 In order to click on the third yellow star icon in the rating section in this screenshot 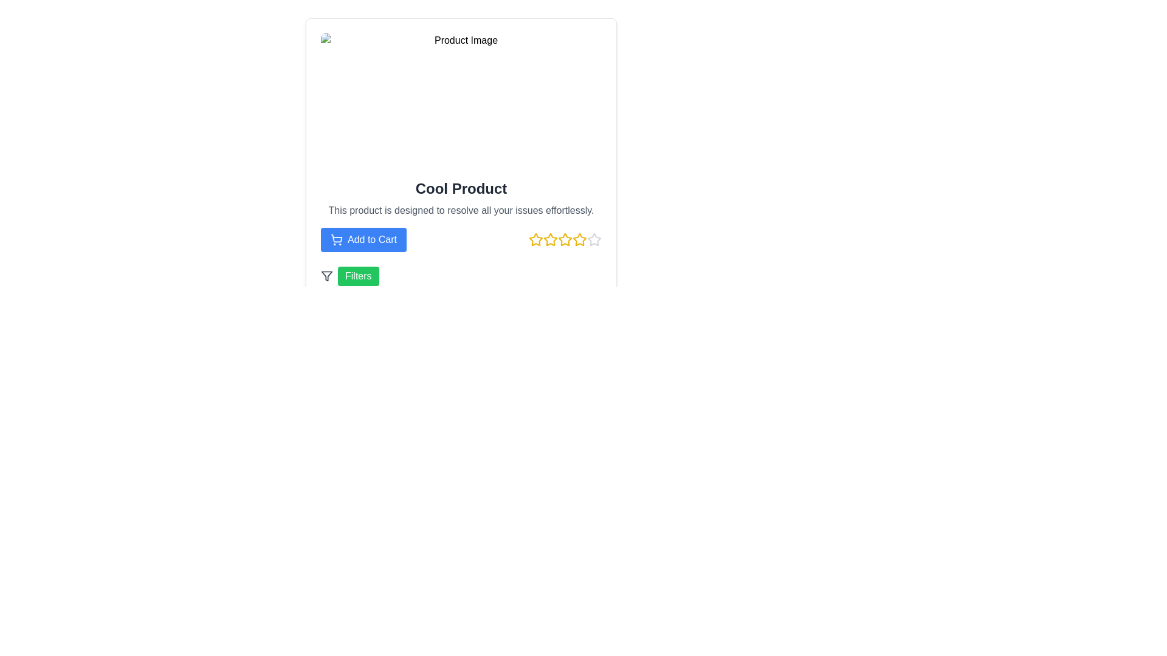, I will do `click(550, 239)`.